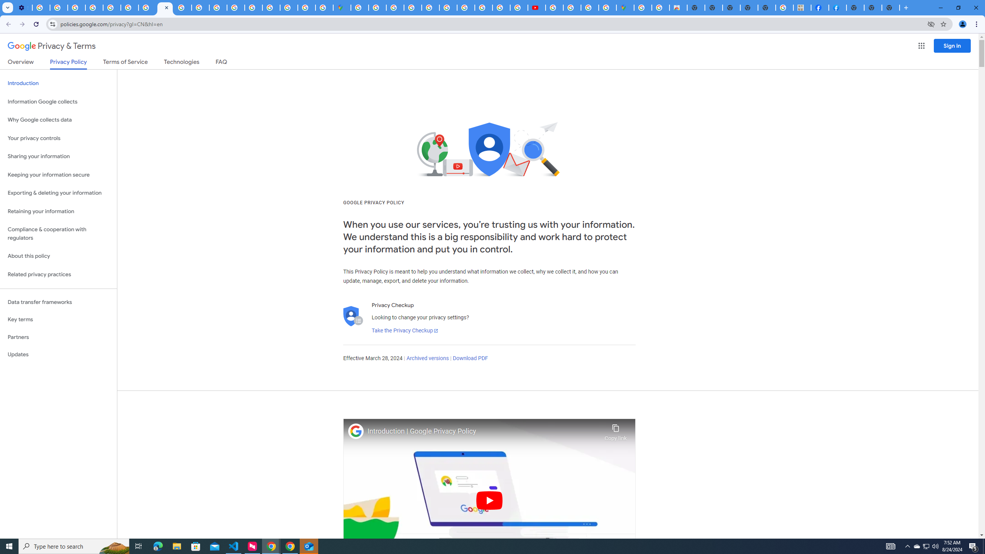 This screenshot has width=985, height=554. I want to click on 'Why Google collects data', so click(58, 119).